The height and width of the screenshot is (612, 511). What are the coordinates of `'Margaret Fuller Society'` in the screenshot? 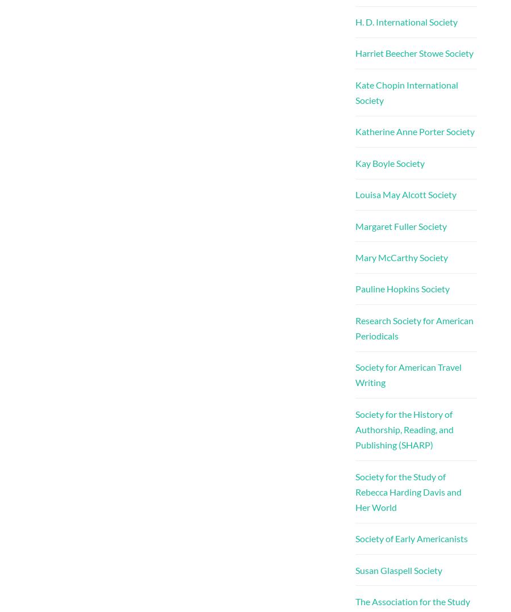 It's located at (354, 225).